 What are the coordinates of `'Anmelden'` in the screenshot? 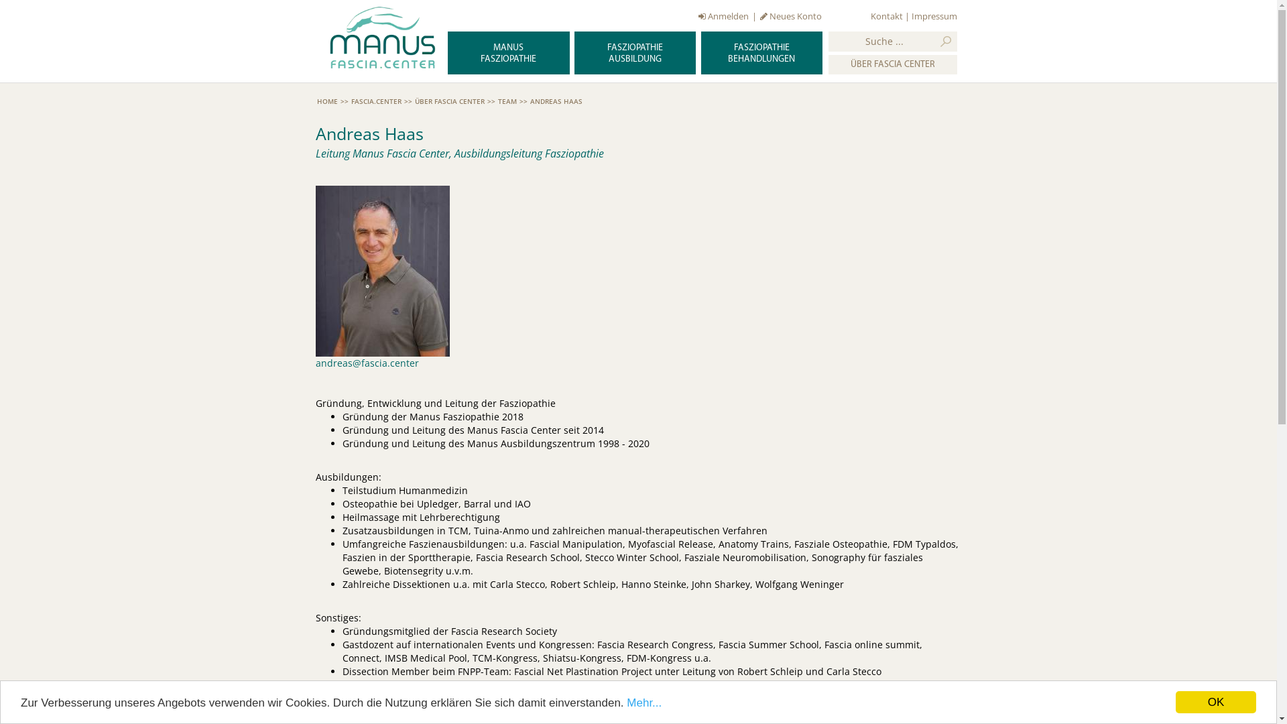 It's located at (697, 15).